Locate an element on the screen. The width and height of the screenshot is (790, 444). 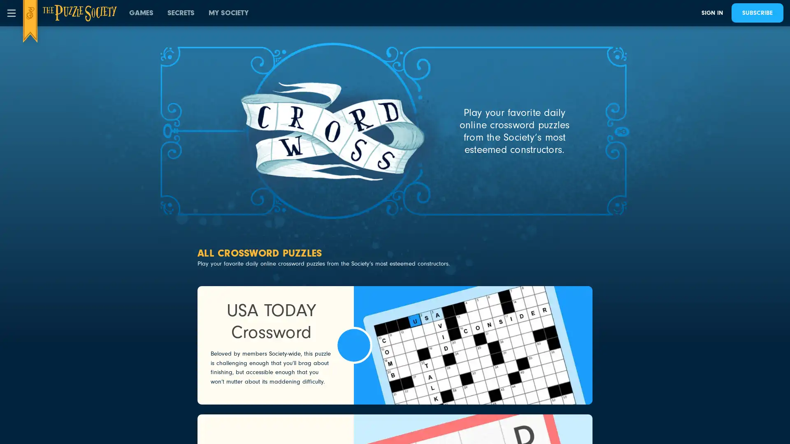
SECRETS is located at coordinates (181, 13).